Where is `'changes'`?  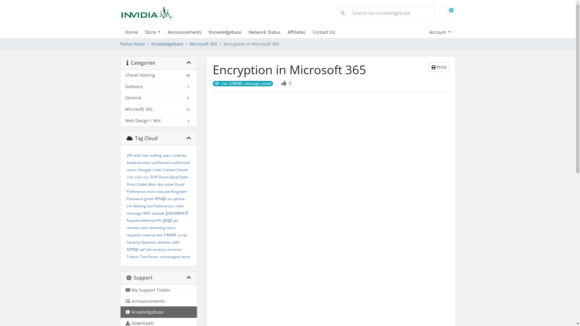 'changes' is located at coordinates (144, 170).